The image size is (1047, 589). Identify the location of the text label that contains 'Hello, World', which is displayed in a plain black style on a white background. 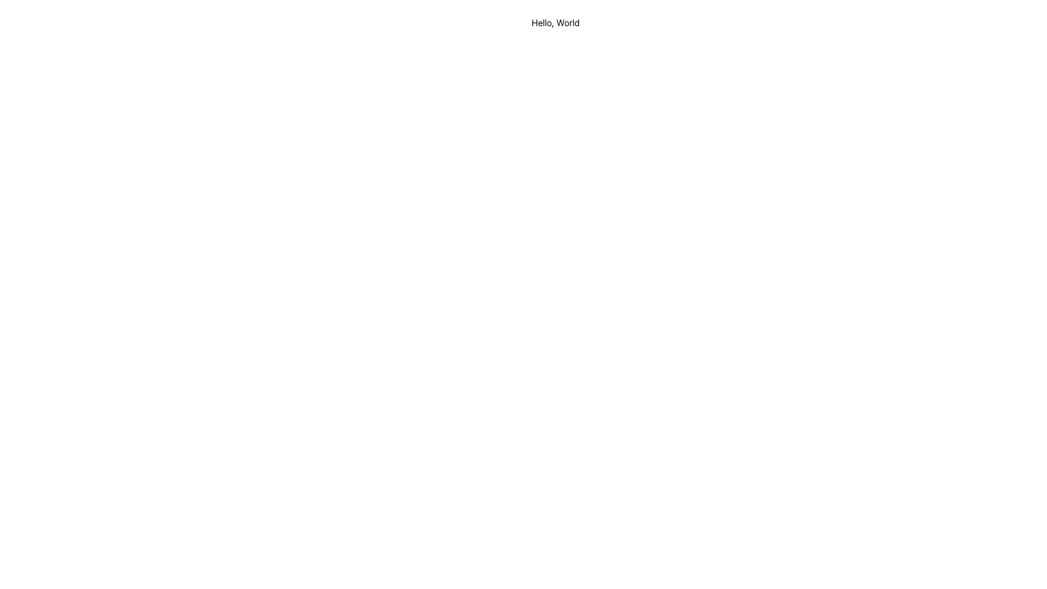
(555, 23).